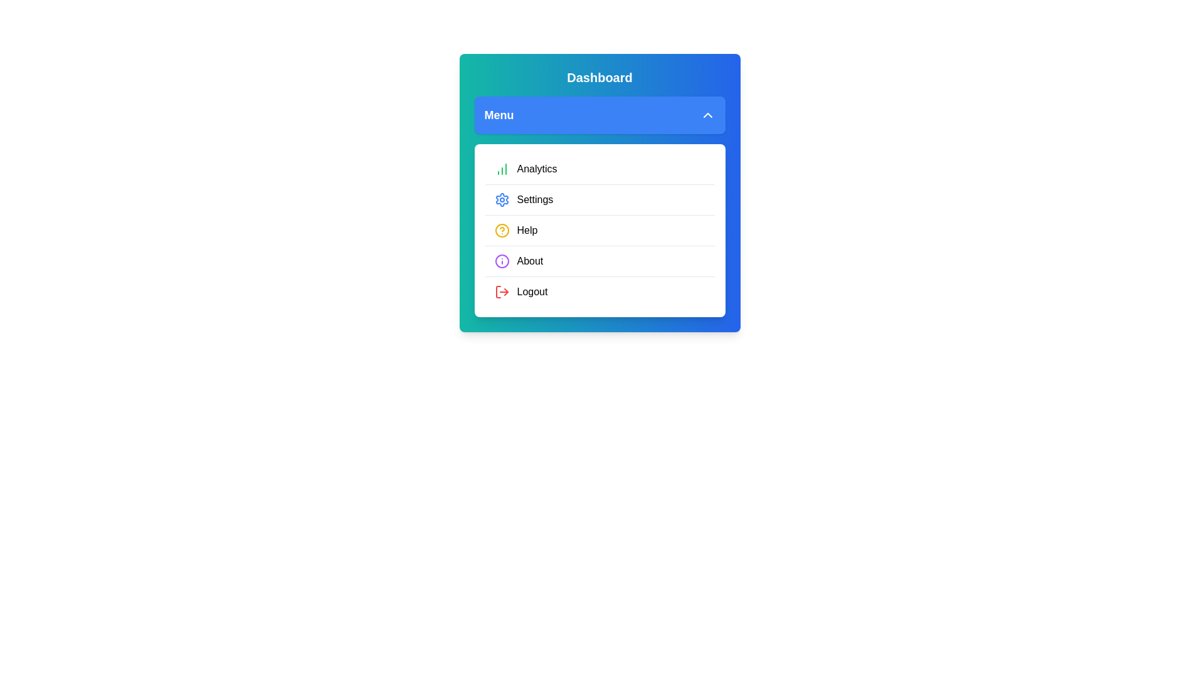  I want to click on the circular icon with a yellow outline and question mark symbol located in the 'Help' menu of the drop-down menu, so click(502, 230).